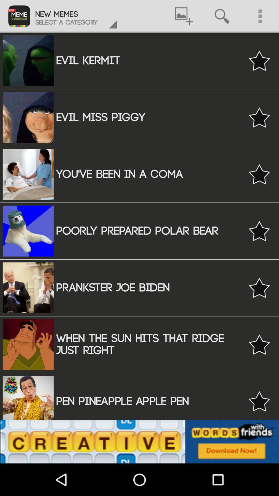 This screenshot has height=496, width=279. I want to click on favorite, so click(259, 61).